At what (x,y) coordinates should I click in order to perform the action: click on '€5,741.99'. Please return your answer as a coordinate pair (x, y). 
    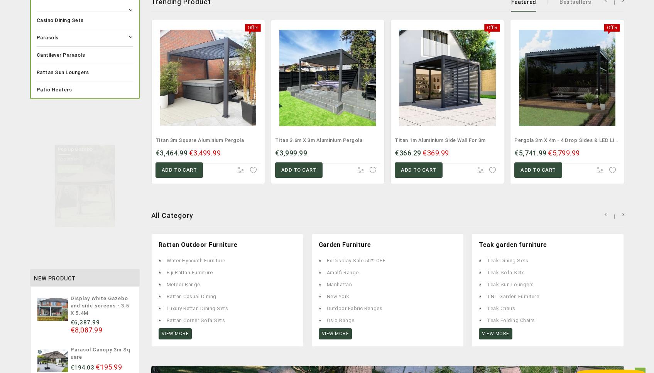
    Looking at the image, I should click on (530, 152).